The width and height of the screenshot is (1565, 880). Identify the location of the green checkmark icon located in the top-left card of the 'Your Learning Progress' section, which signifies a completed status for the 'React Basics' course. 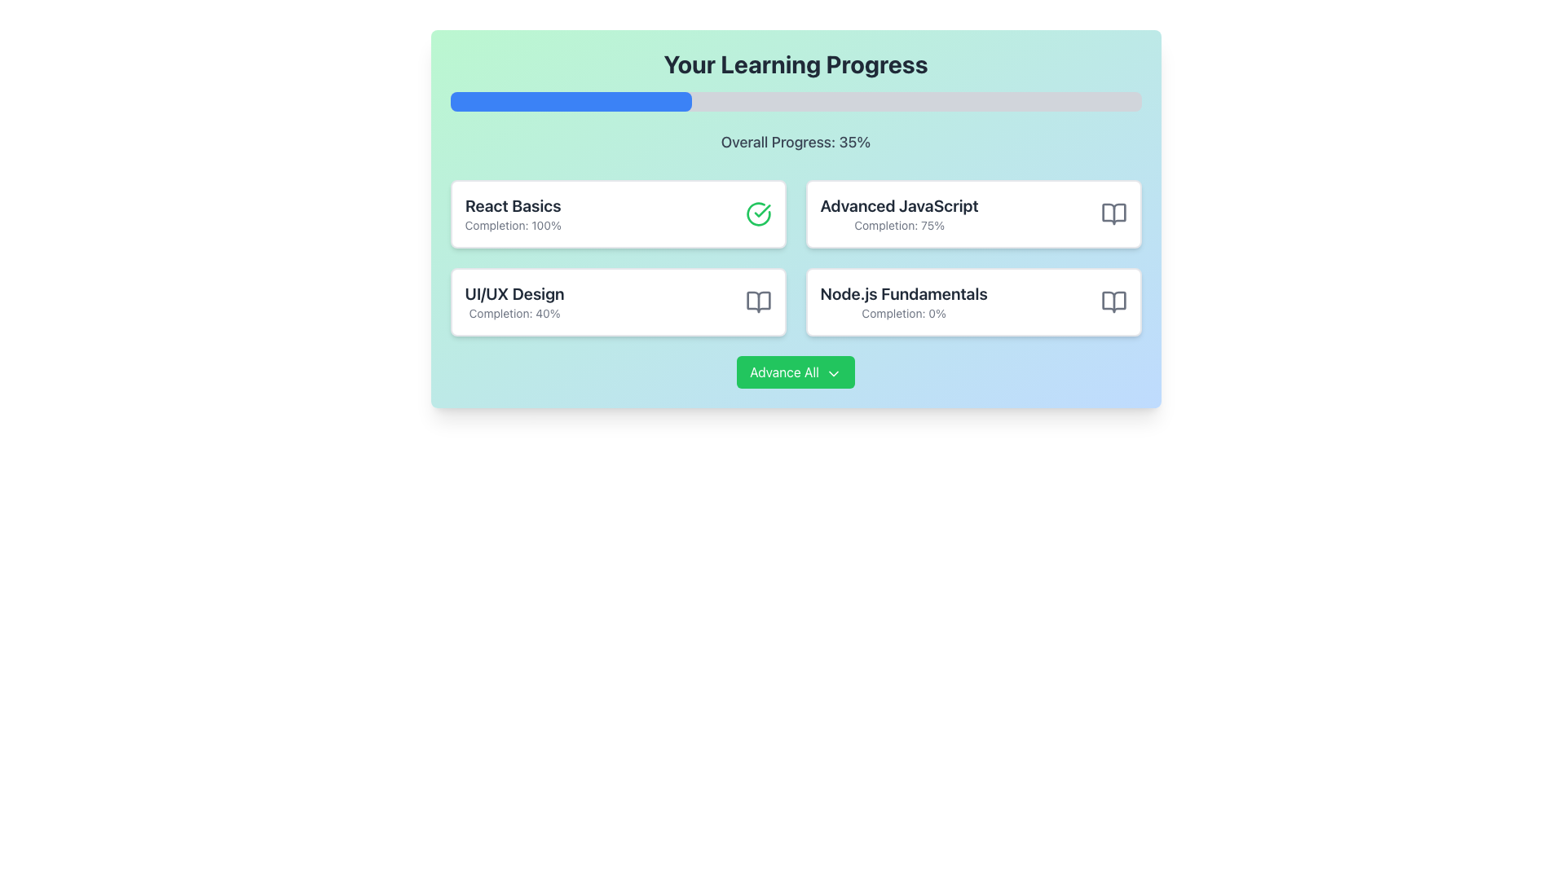
(757, 213).